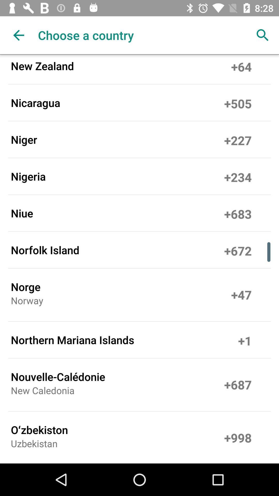 This screenshot has width=279, height=496. I want to click on the item below the norfolk island, so click(26, 286).